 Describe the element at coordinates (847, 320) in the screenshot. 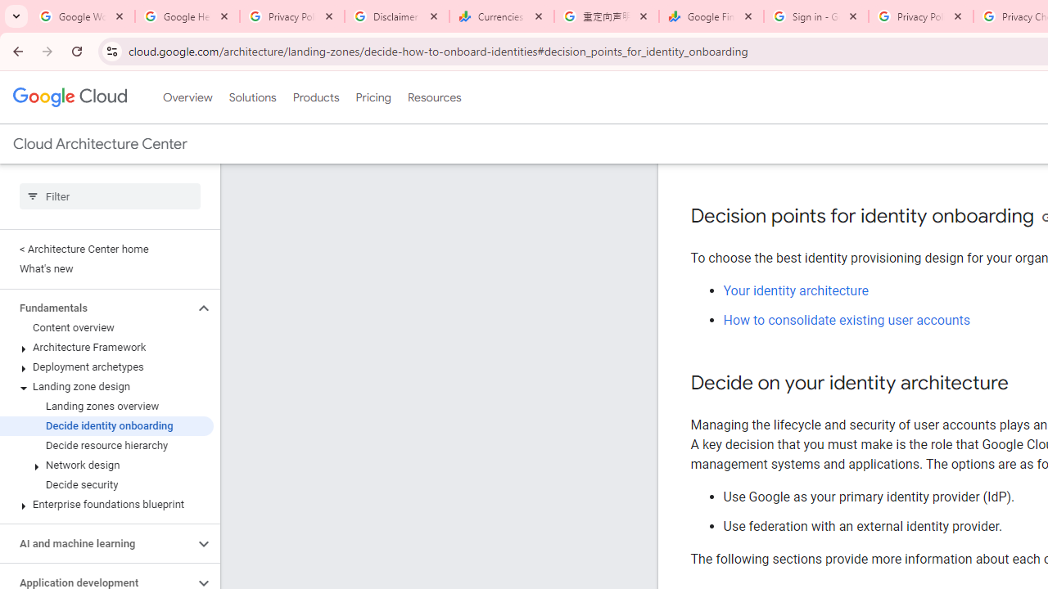

I see `'How to consolidate existing user accounts'` at that location.